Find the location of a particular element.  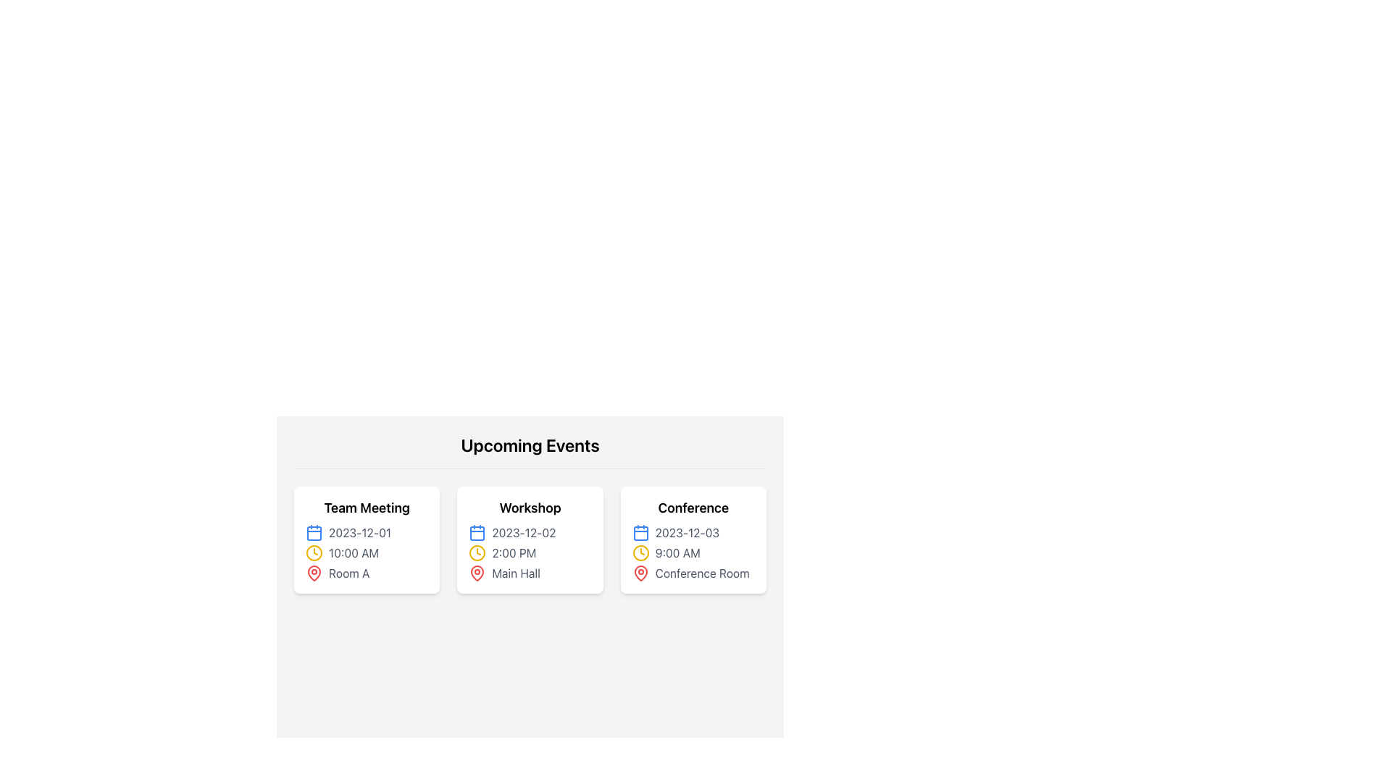

the 'Conference' event time information element located below the date '2023-12-03' and above the location 'Conference Room' in the Upcoming Events section is located at coordinates (693, 552).